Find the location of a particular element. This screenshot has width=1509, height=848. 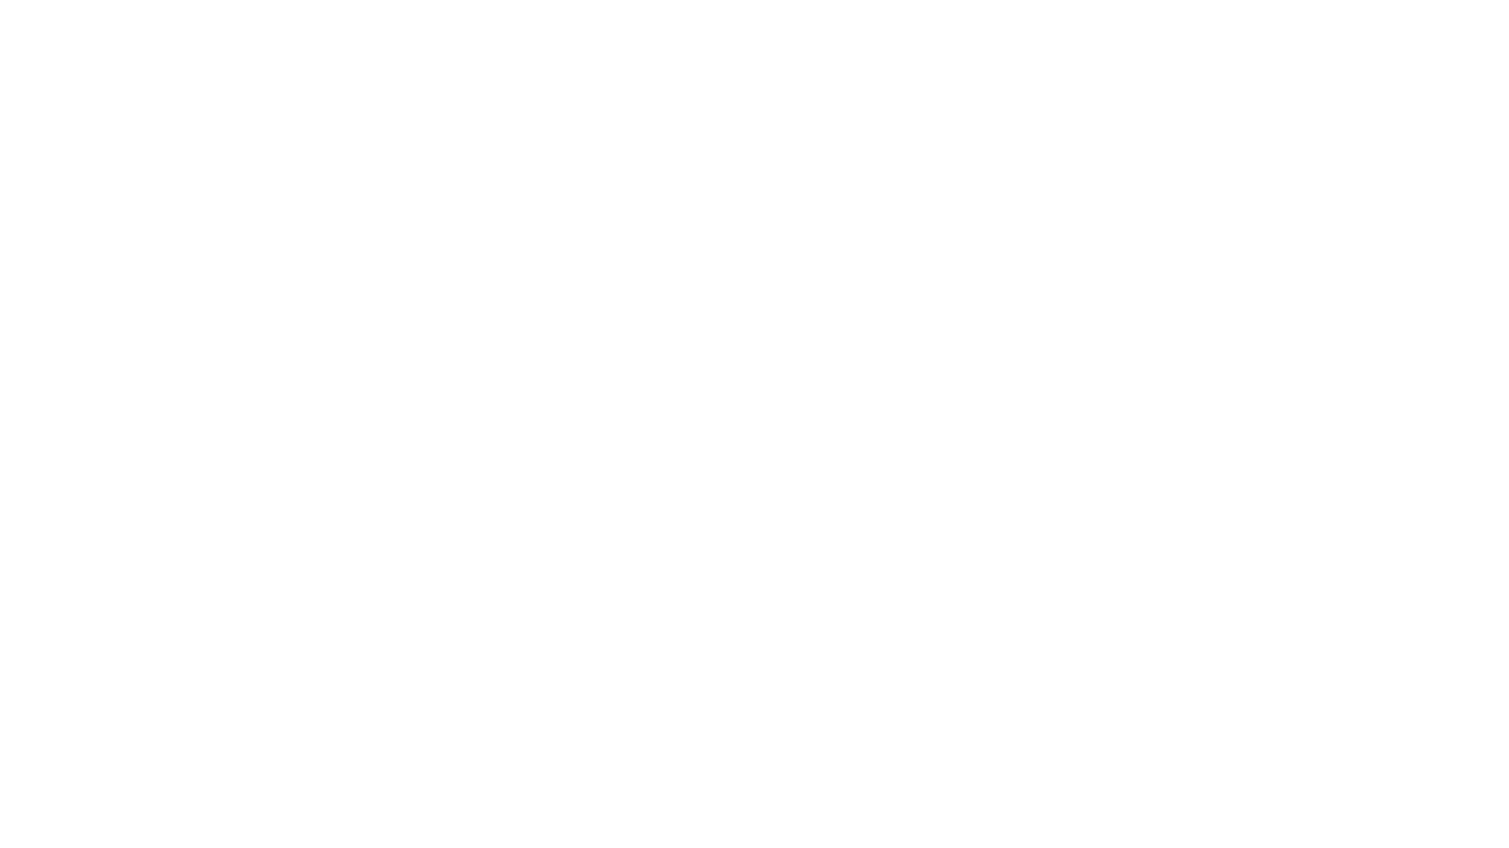

Life Sciences is located at coordinates (606, 532).